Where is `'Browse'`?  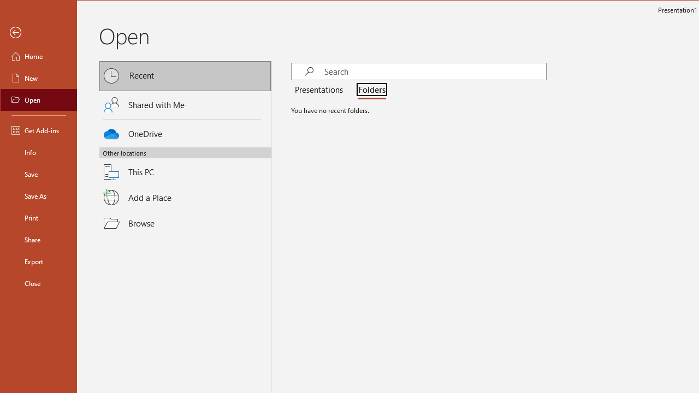
'Browse' is located at coordinates (185, 223).